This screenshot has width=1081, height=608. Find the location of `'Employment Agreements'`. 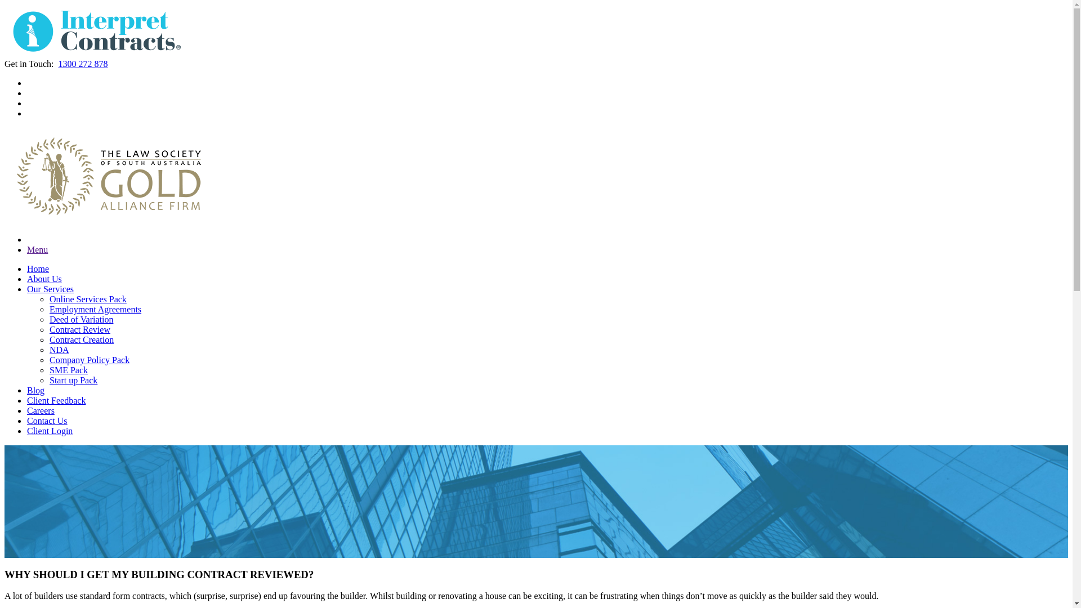

'Employment Agreements' is located at coordinates (95, 309).